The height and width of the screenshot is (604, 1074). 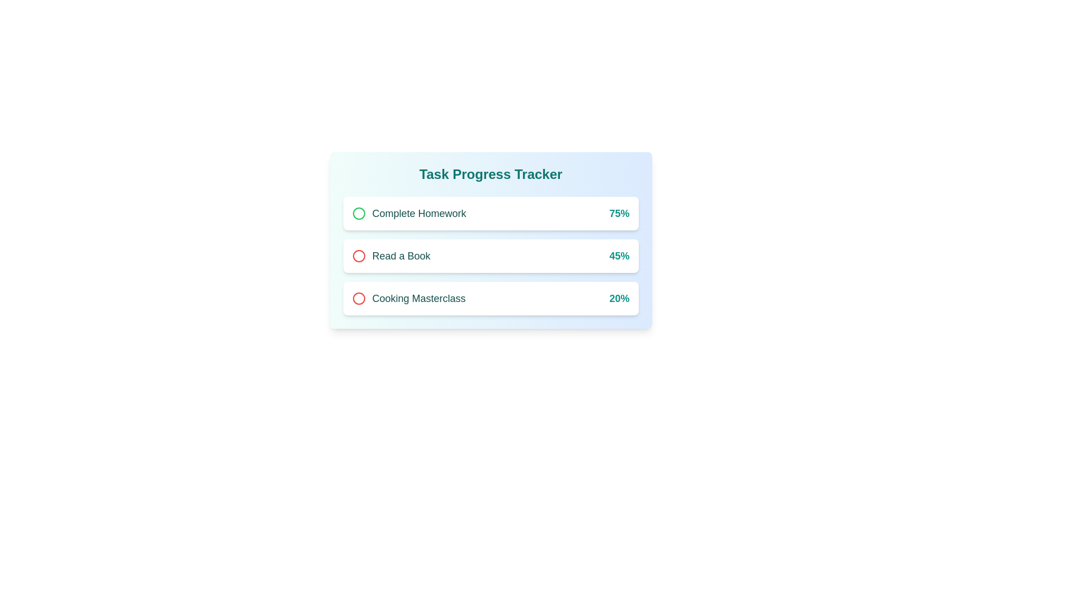 What do you see at coordinates (359, 213) in the screenshot?
I see `the status icon for the 'Complete Homework' task in the 'Task Progress Tracker' section, which is the leftmost item in the first row` at bounding box center [359, 213].